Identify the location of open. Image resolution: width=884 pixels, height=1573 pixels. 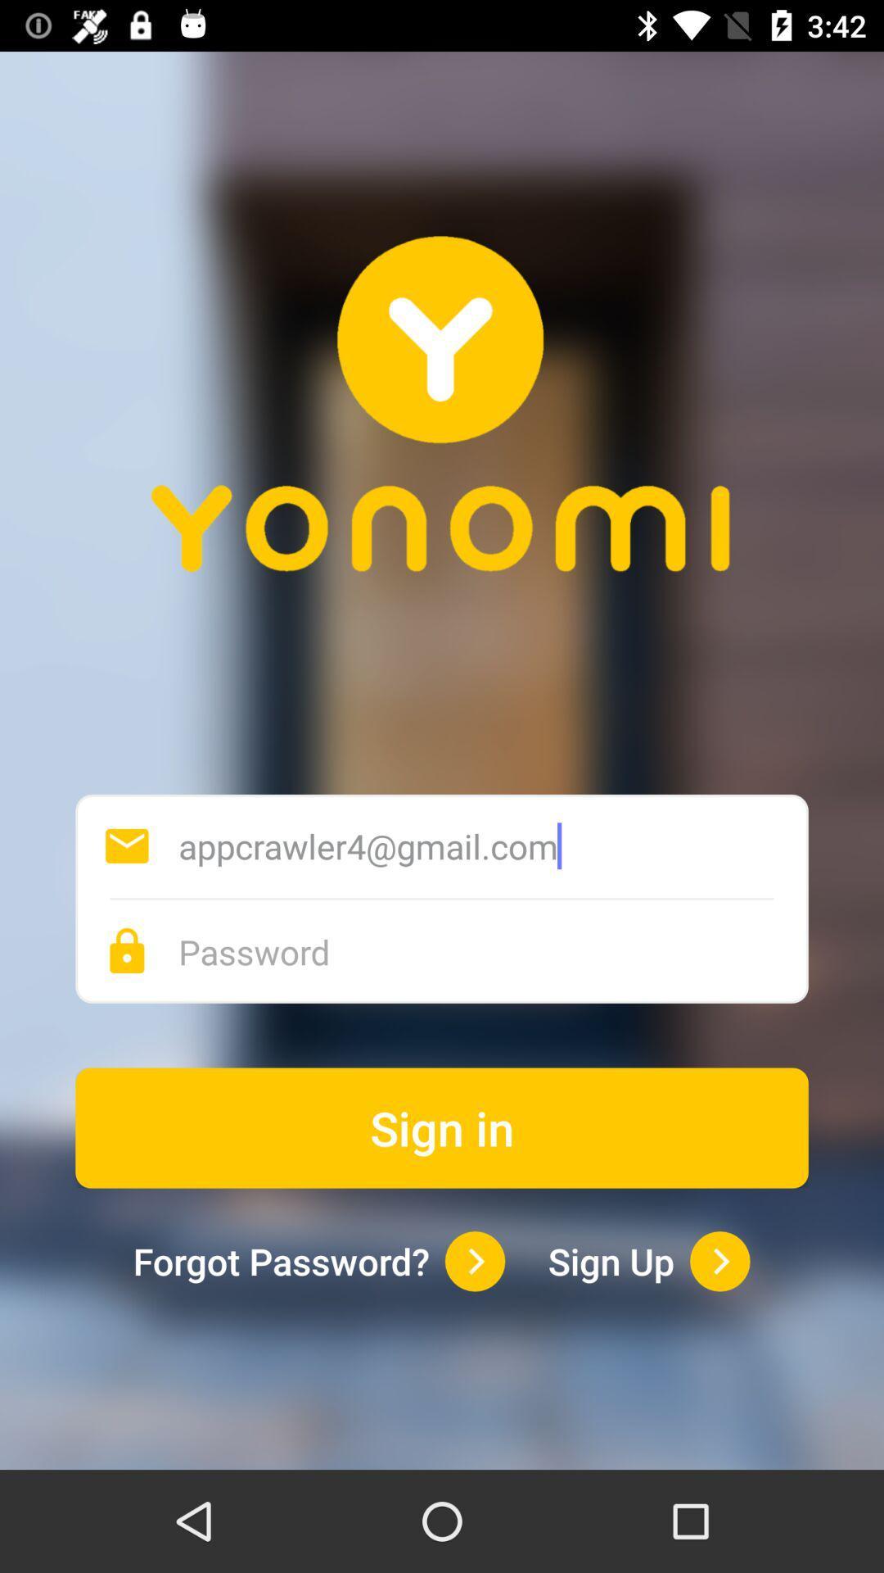
(719, 1260).